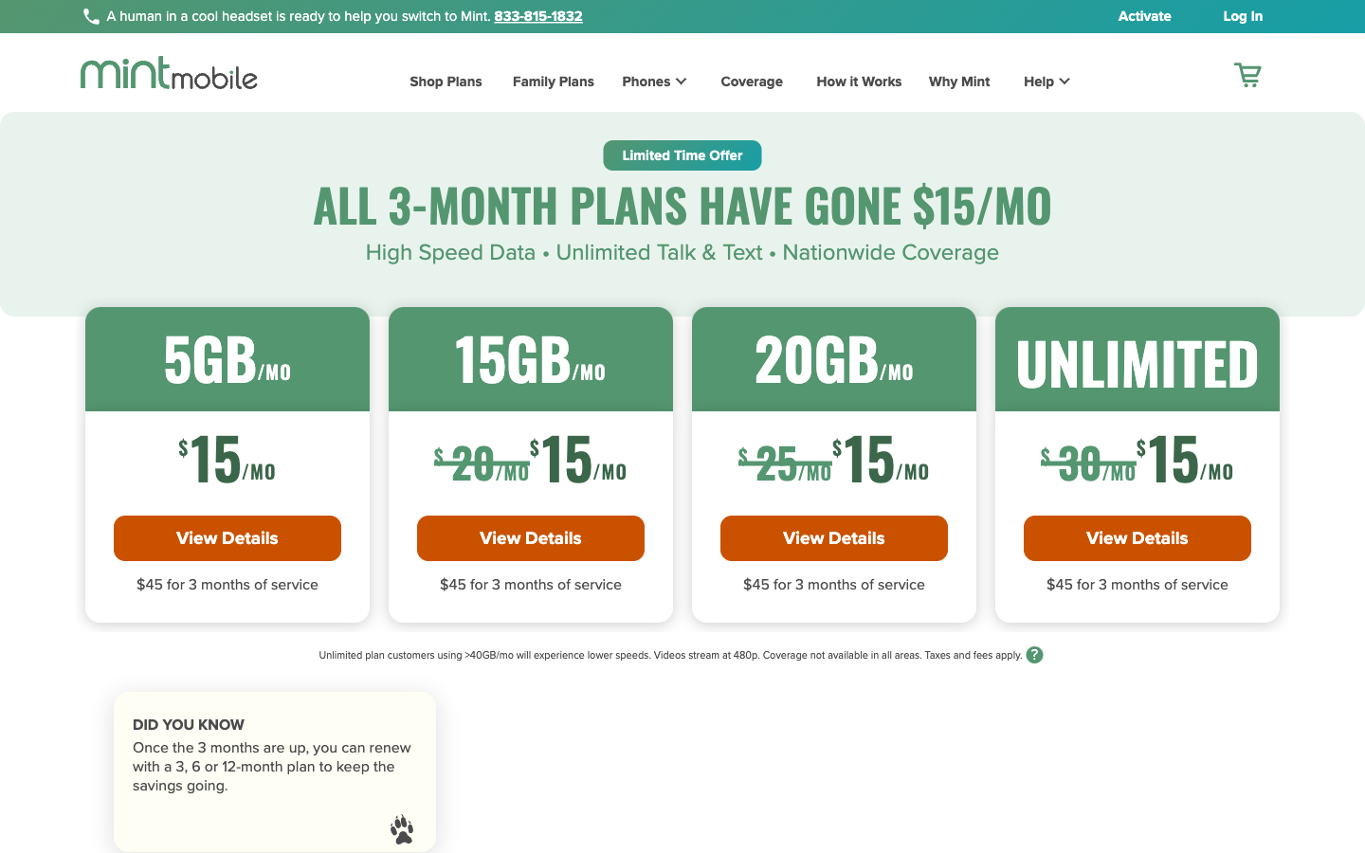 This screenshot has height=853, width=1365. What do you see at coordinates (946, 83) in the screenshot?
I see `Why Mint Page` at bounding box center [946, 83].